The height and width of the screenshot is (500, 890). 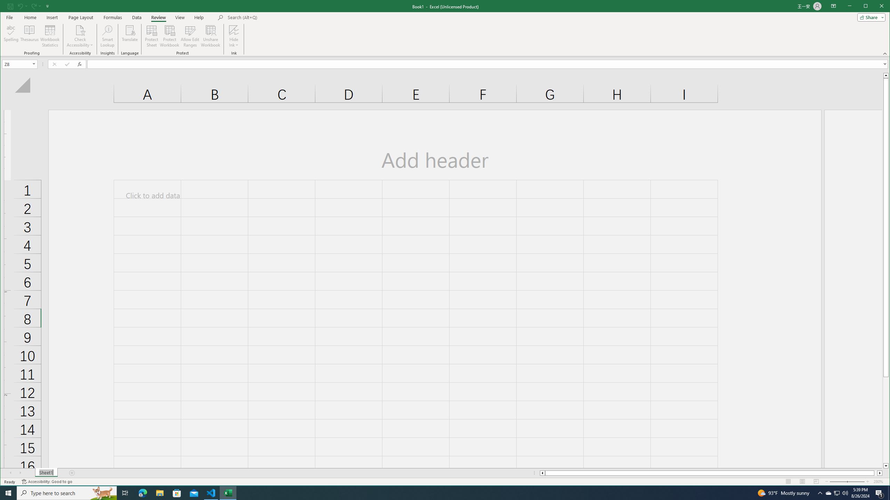 I want to click on 'Protect Workbook...', so click(x=169, y=36).